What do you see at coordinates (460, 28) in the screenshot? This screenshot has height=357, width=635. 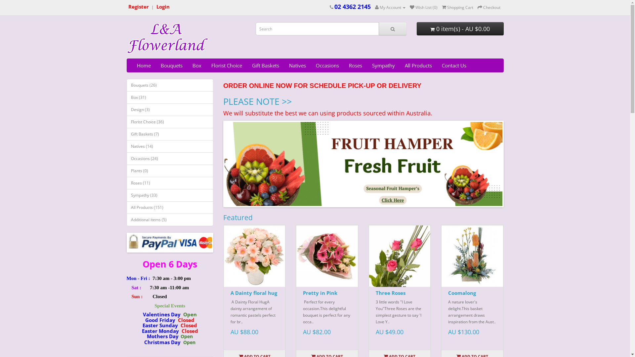 I see `'0 item(s) - AU $0.00'` at bounding box center [460, 28].